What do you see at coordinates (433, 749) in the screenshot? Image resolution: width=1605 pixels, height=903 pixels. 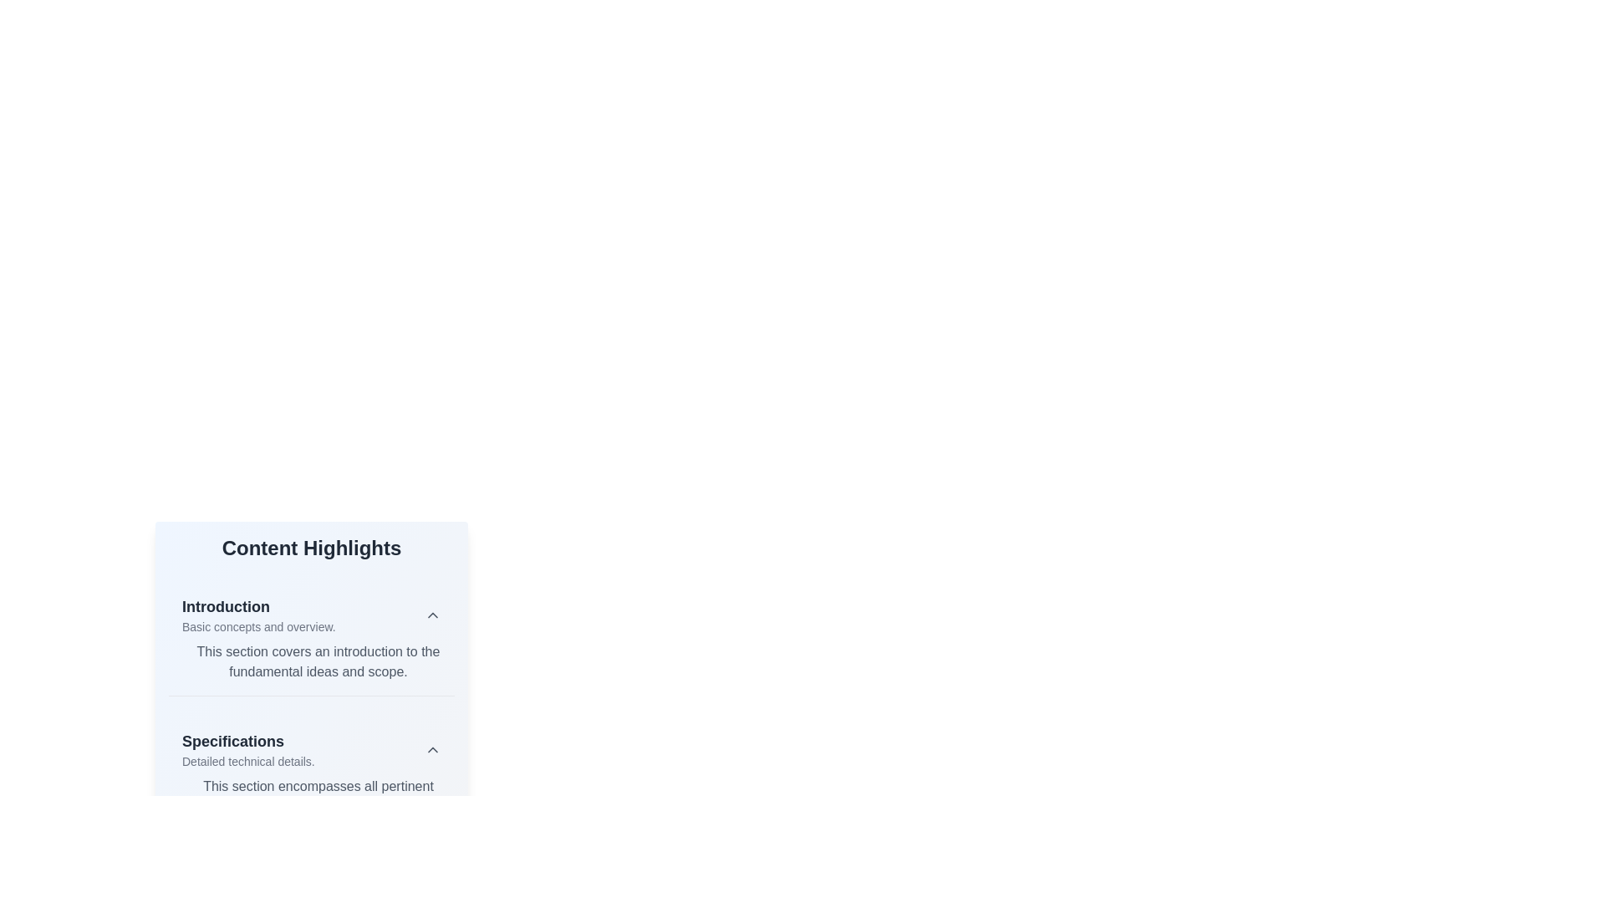 I see `the chevron icon located to the far right of the 'Specifications' section` at bounding box center [433, 749].